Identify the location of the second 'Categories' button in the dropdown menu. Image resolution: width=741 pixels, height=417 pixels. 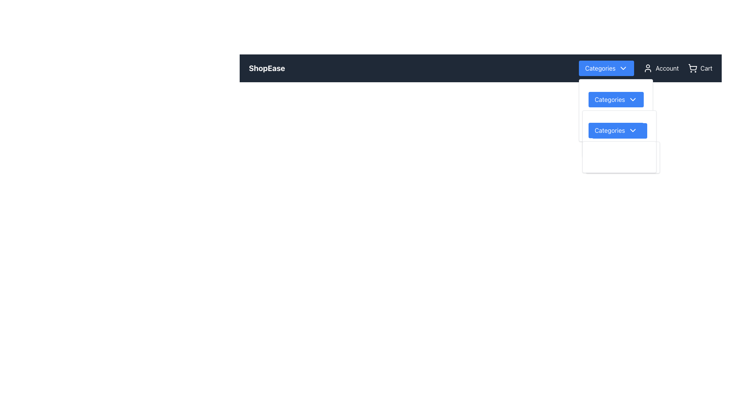
(616, 130).